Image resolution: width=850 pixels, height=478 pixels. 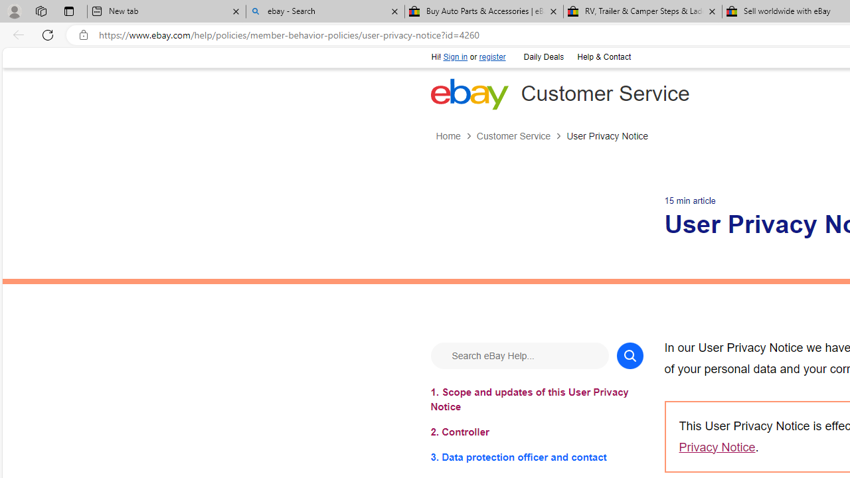 What do you see at coordinates (513, 136) in the screenshot?
I see `'Customer Service'` at bounding box center [513, 136].